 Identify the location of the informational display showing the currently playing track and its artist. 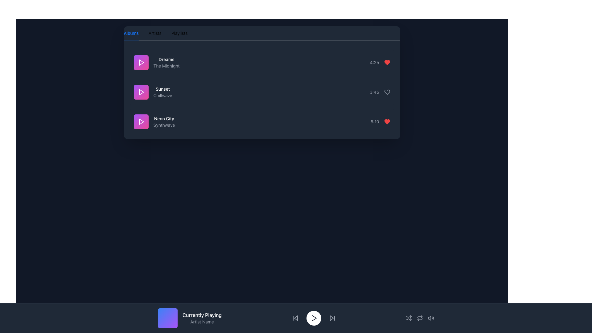
(189, 318).